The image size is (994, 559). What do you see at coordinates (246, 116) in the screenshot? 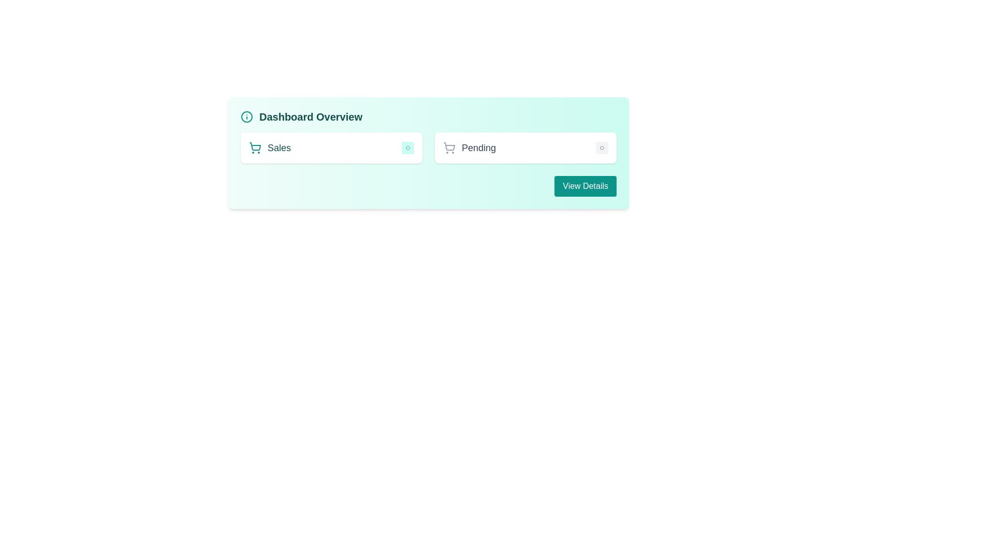
I see `circular decorative element located within the icon to the left of the 'Dashboard Overview' header text` at bounding box center [246, 116].